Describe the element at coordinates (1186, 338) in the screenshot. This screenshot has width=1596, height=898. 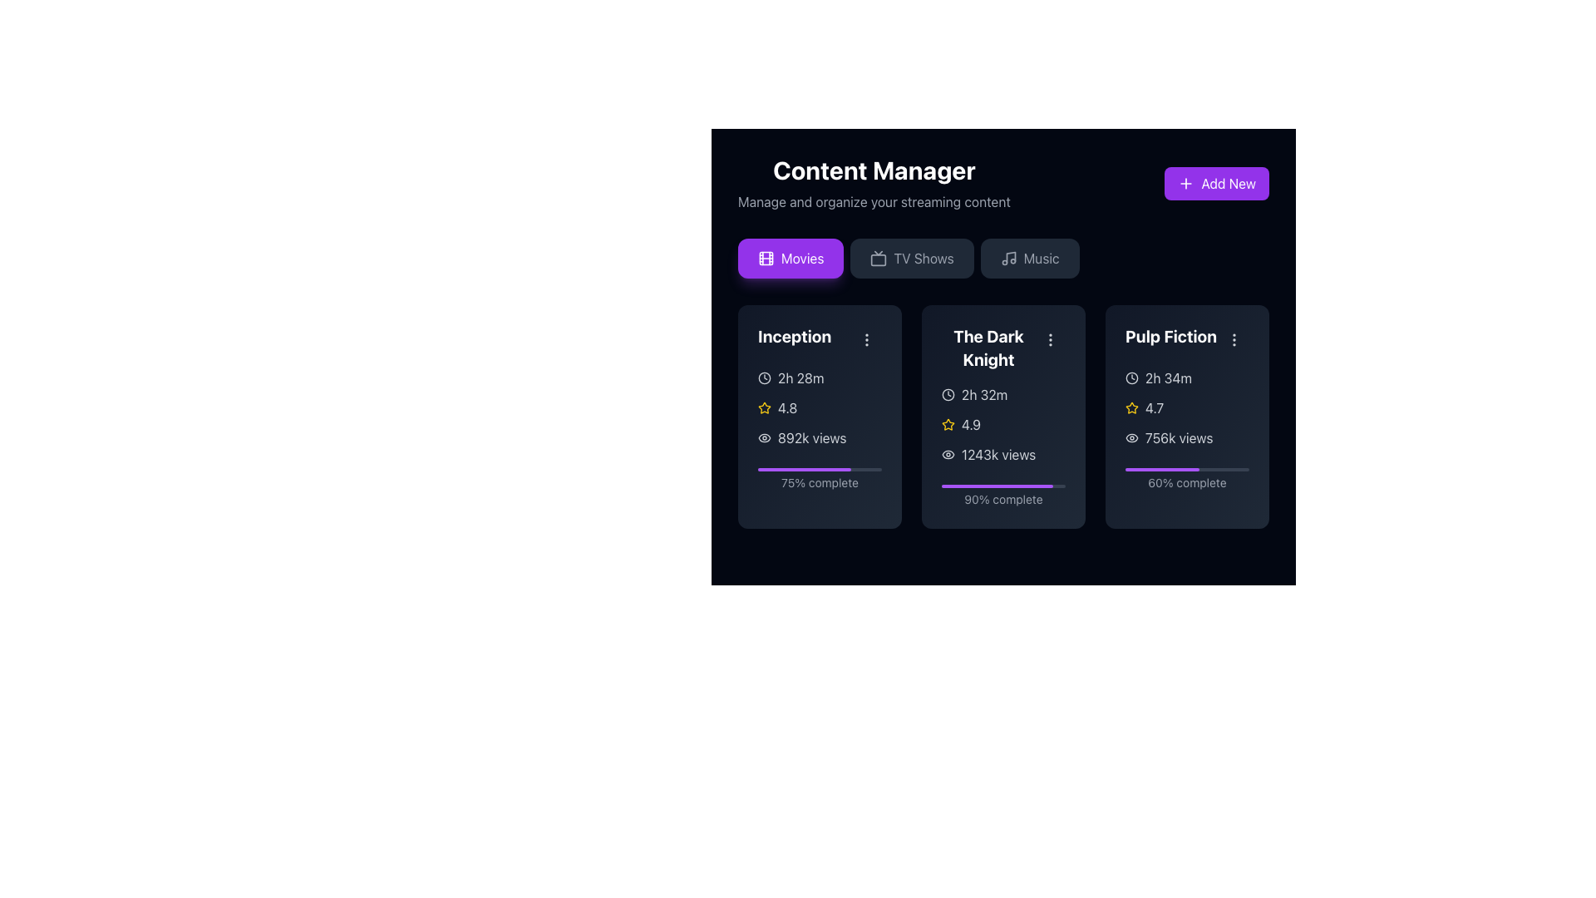
I see `the title text label 'Pulp Fiction' styled in bold white font at the top of the card layout, positioned at the top-right among the grid of content cards` at that location.